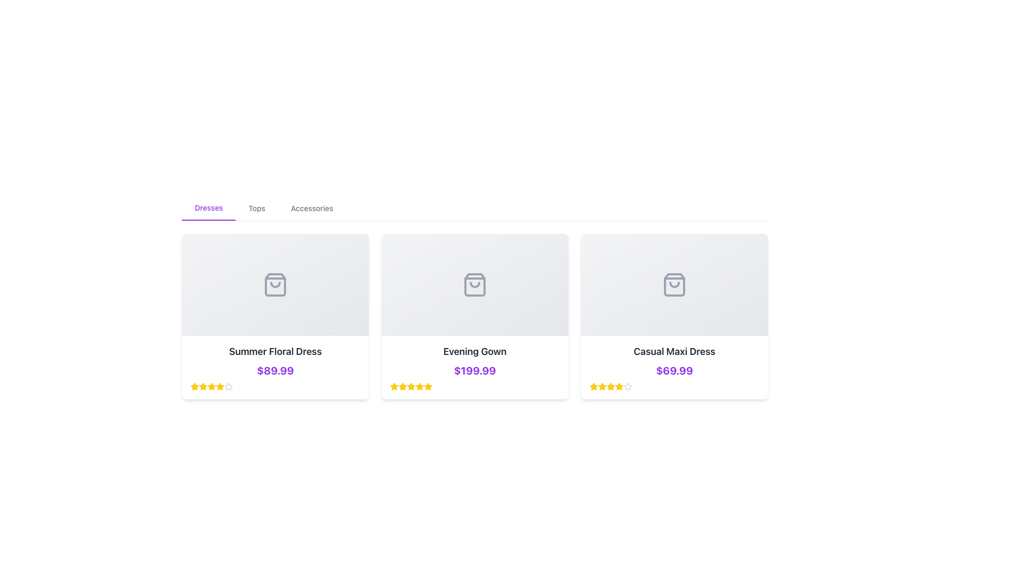 Image resolution: width=1019 pixels, height=573 pixels. I want to click on the 'Accessories' text label in the navigation bar to change its color from gray to purple, so click(311, 209).